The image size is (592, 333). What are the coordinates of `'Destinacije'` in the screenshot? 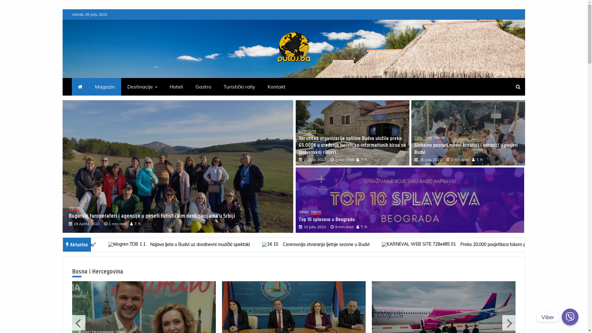 It's located at (142, 87).